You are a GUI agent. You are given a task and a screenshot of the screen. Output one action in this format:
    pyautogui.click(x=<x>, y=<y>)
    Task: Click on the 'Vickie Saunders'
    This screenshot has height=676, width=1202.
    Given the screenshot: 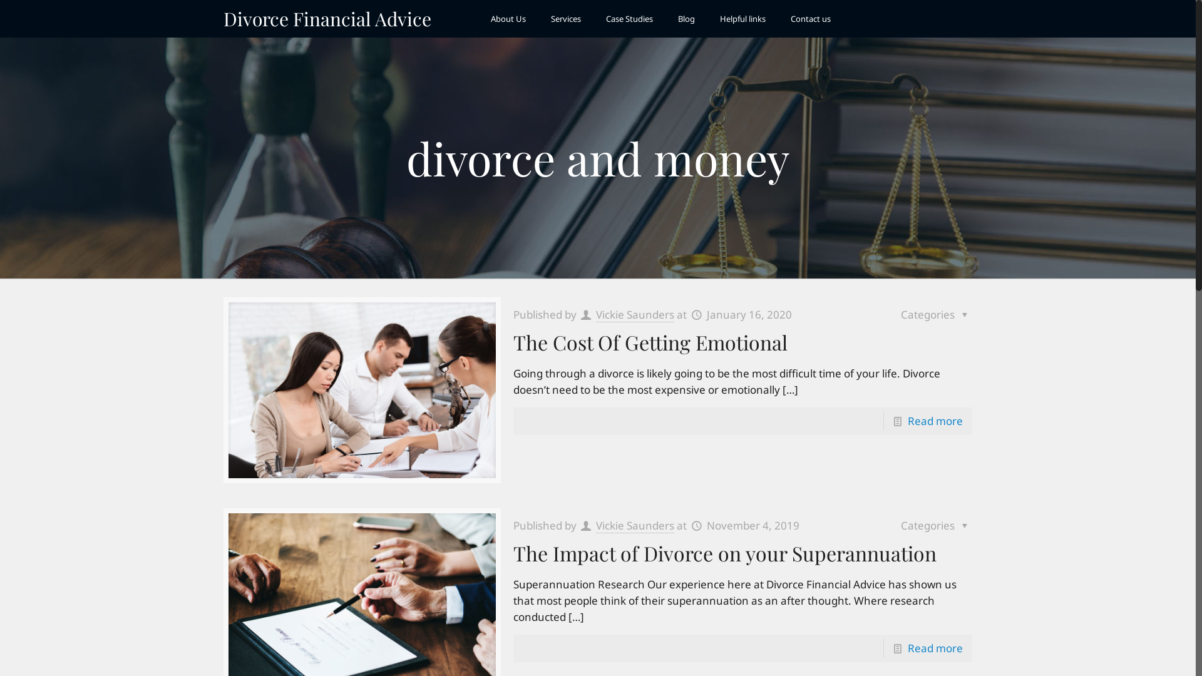 What is the action you would take?
    pyautogui.click(x=635, y=526)
    